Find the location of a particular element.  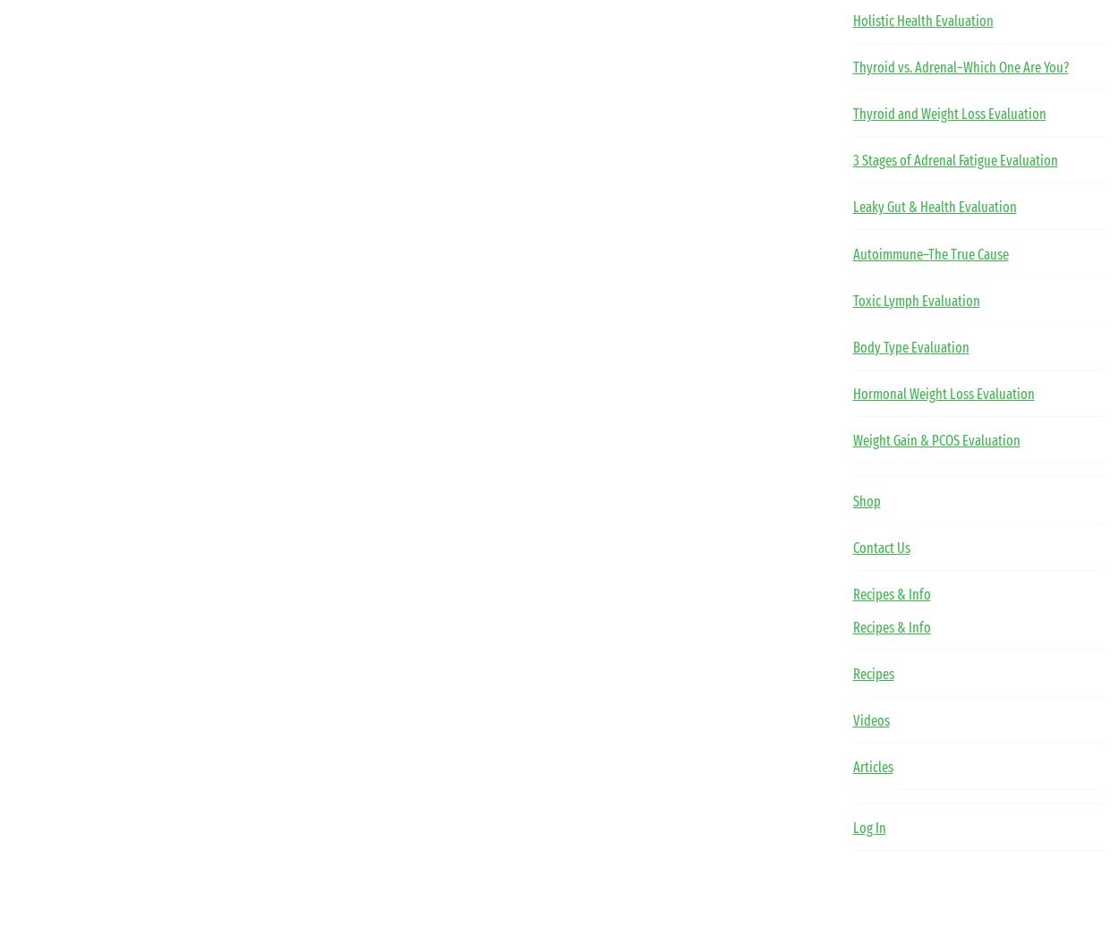

'Toxic Lymph Evaluation' is located at coordinates (916, 300).